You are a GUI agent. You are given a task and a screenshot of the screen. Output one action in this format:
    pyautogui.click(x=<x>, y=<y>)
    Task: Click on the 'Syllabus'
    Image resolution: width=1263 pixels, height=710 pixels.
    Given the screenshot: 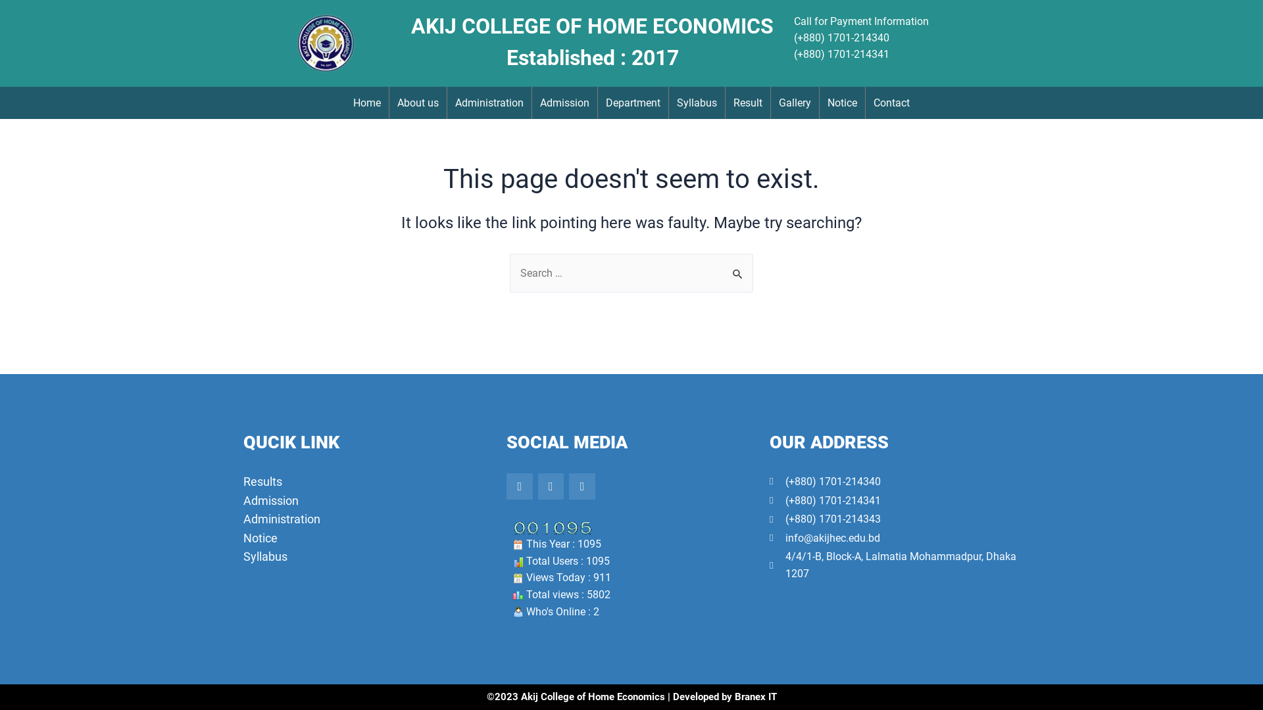 What is the action you would take?
    pyautogui.click(x=669, y=102)
    